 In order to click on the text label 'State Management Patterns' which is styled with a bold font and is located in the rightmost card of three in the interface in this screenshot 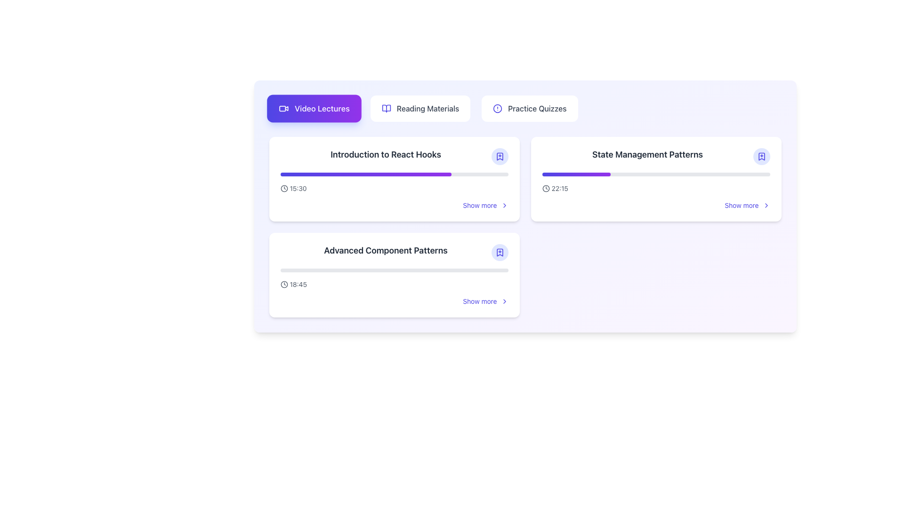, I will do `click(647, 154)`.